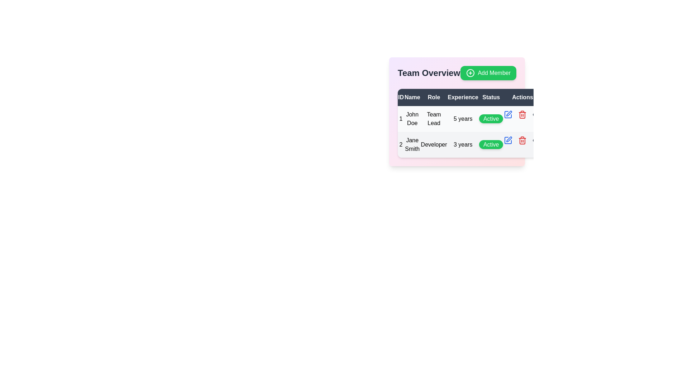 The width and height of the screenshot is (688, 387). What do you see at coordinates (491, 144) in the screenshot?
I see `the 'Active' status label for 'Jane Smith' located in the 'Status' column of the second row of the table` at bounding box center [491, 144].